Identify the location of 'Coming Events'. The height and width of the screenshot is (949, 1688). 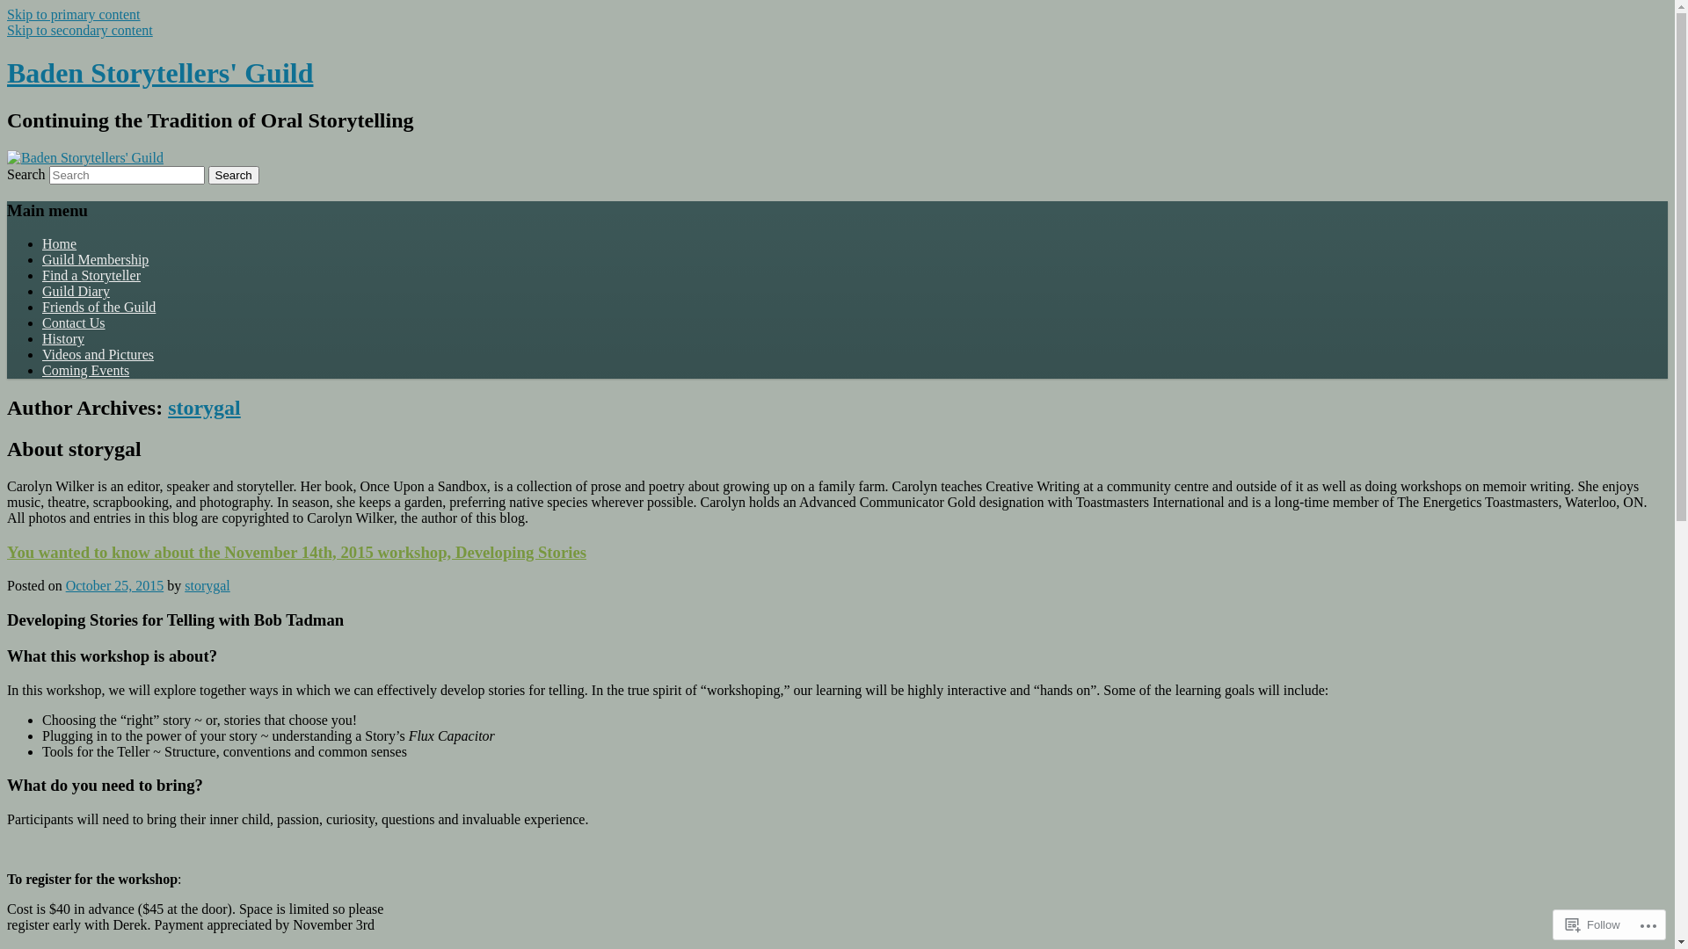
(84, 369).